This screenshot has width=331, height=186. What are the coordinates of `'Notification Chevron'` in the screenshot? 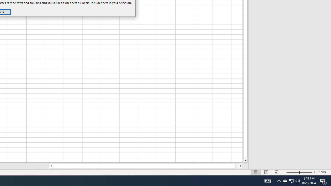 It's located at (279, 180).